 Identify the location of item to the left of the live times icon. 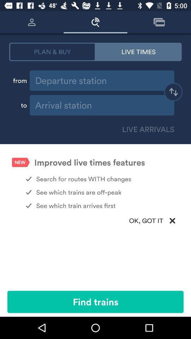
(52, 51).